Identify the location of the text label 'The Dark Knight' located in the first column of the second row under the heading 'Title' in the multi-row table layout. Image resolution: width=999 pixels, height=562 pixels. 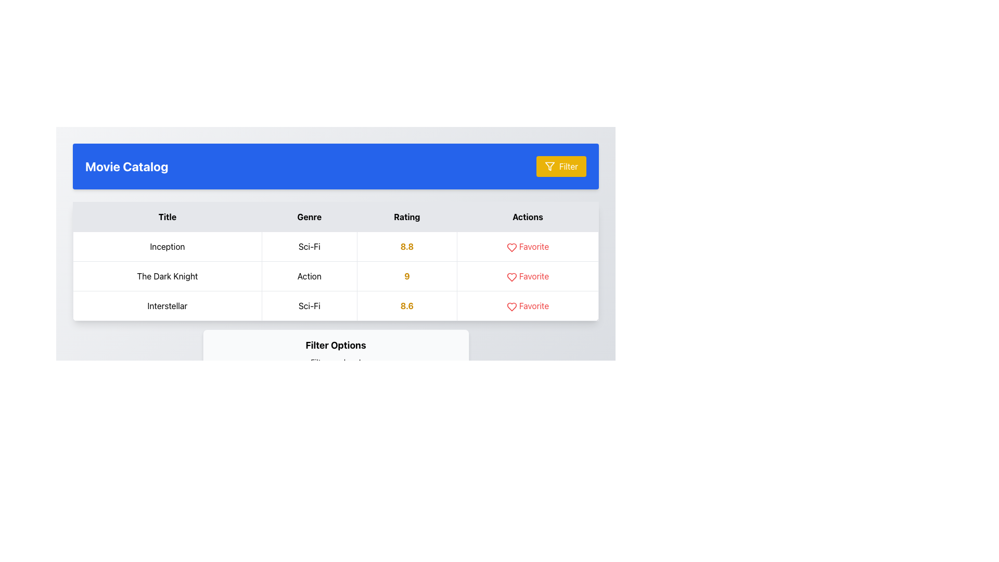
(167, 276).